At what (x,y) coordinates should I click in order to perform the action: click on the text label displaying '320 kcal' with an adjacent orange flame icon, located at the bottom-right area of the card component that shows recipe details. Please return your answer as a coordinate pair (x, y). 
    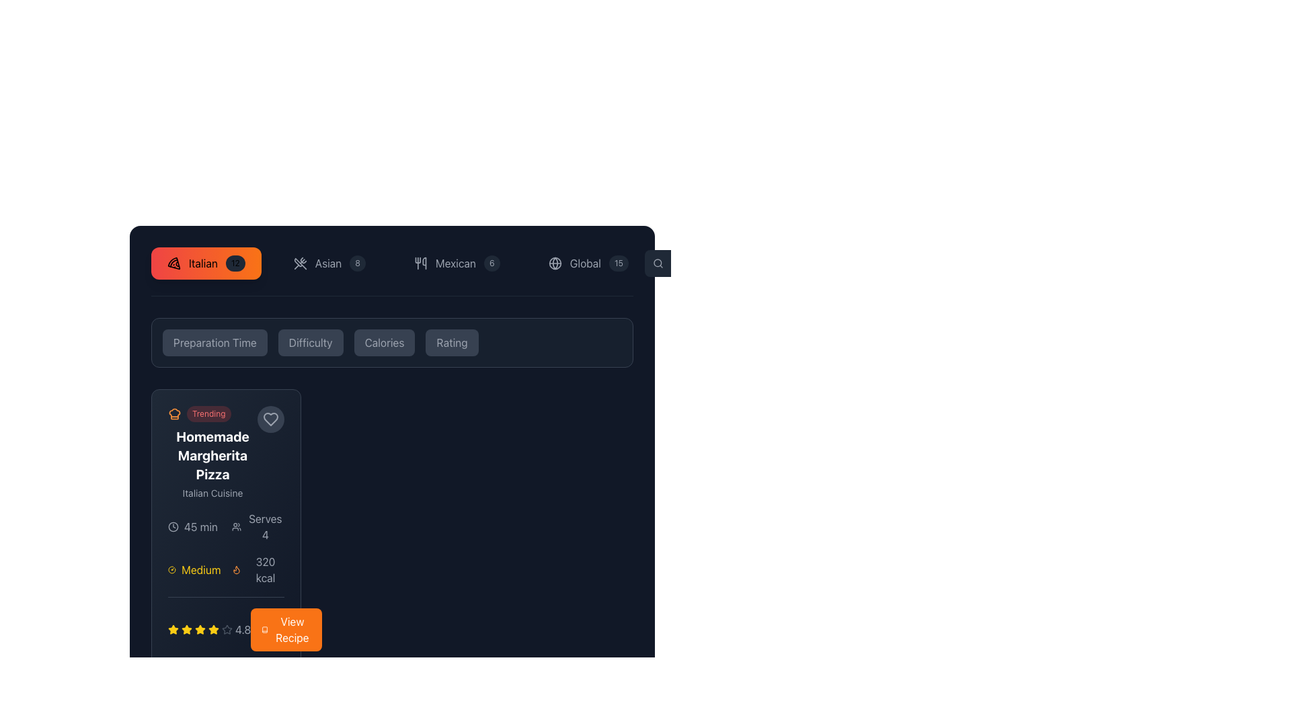
    Looking at the image, I should click on (258, 570).